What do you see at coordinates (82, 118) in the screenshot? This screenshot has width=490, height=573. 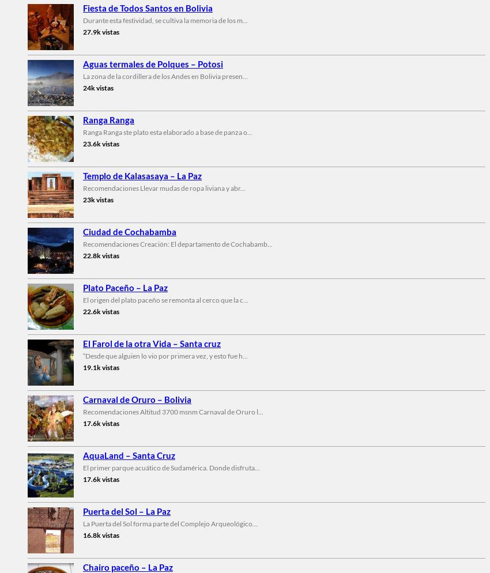 I see `'Ranga Ranga'` at bounding box center [82, 118].